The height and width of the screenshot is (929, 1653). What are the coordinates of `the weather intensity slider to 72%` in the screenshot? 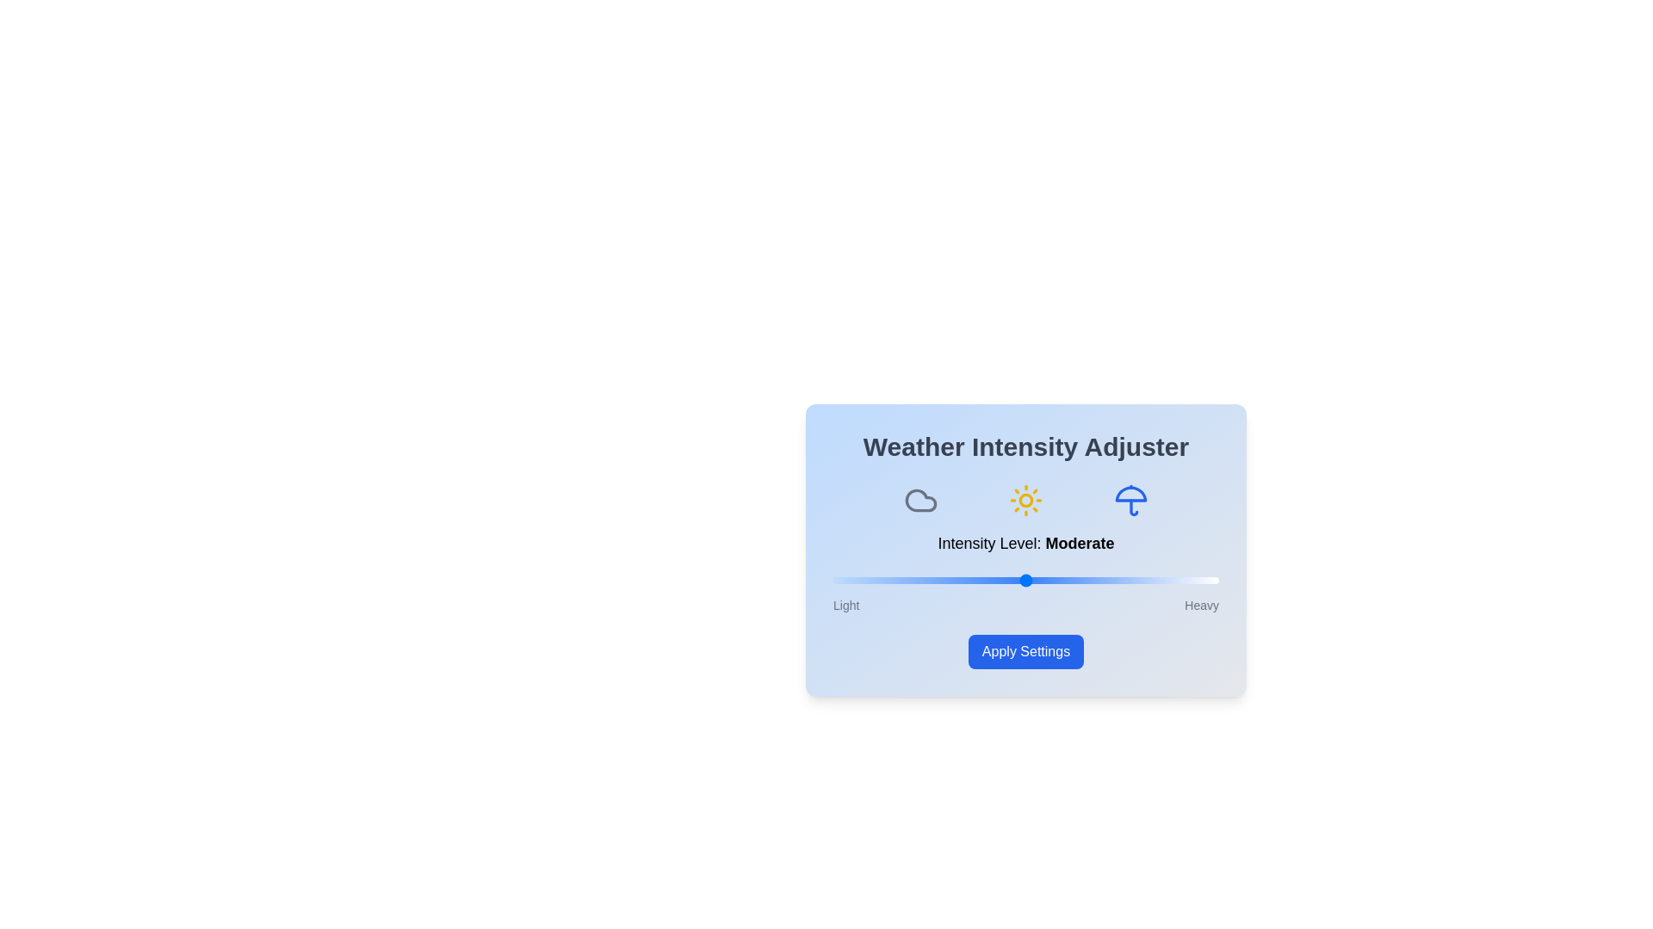 It's located at (1111, 581).